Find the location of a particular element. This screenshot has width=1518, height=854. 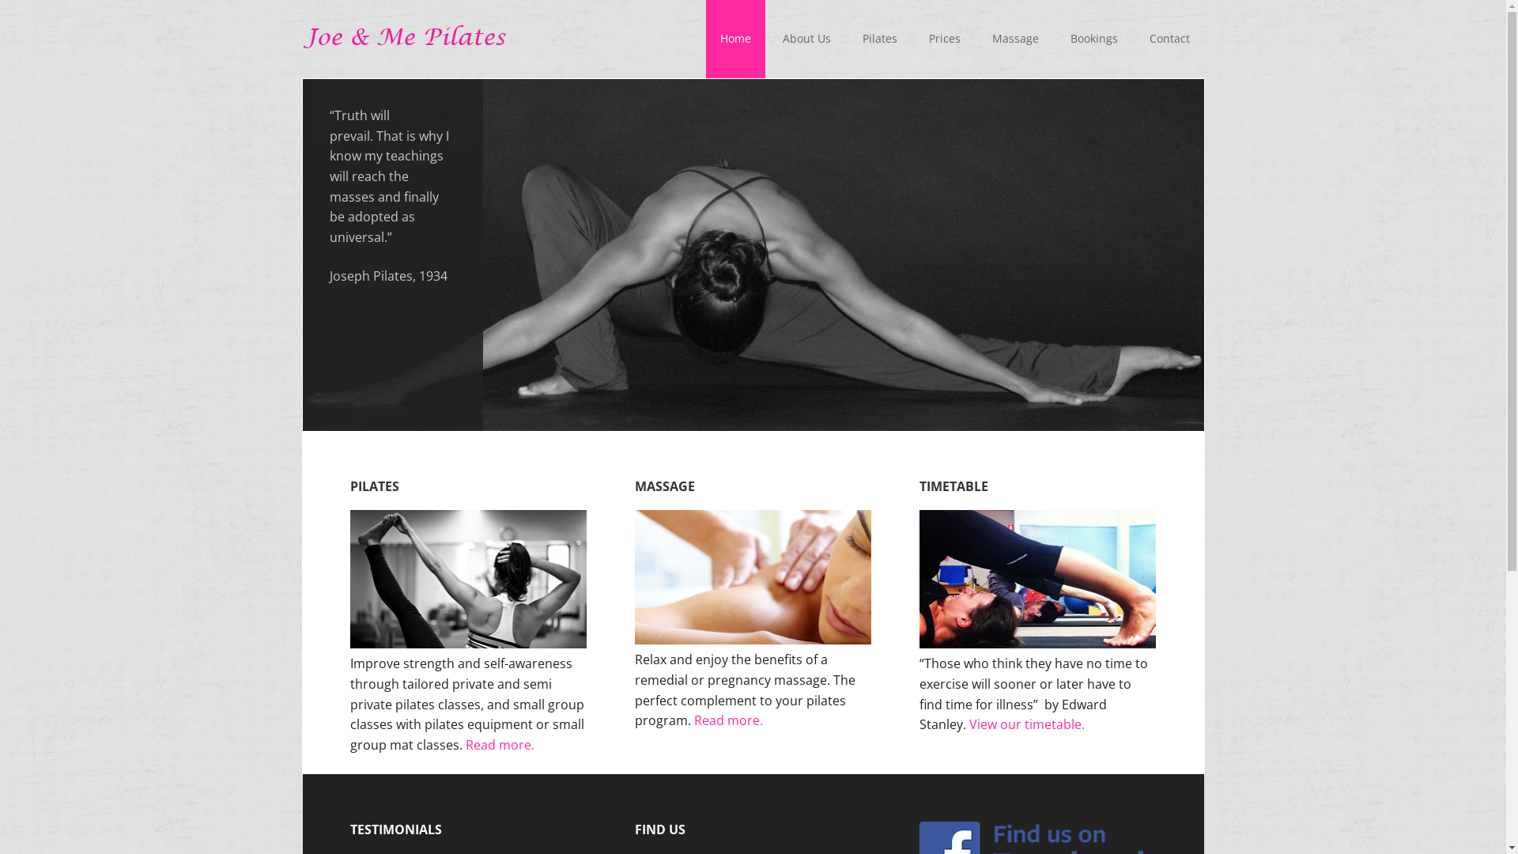

'View our timetable.' is located at coordinates (1027, 724).